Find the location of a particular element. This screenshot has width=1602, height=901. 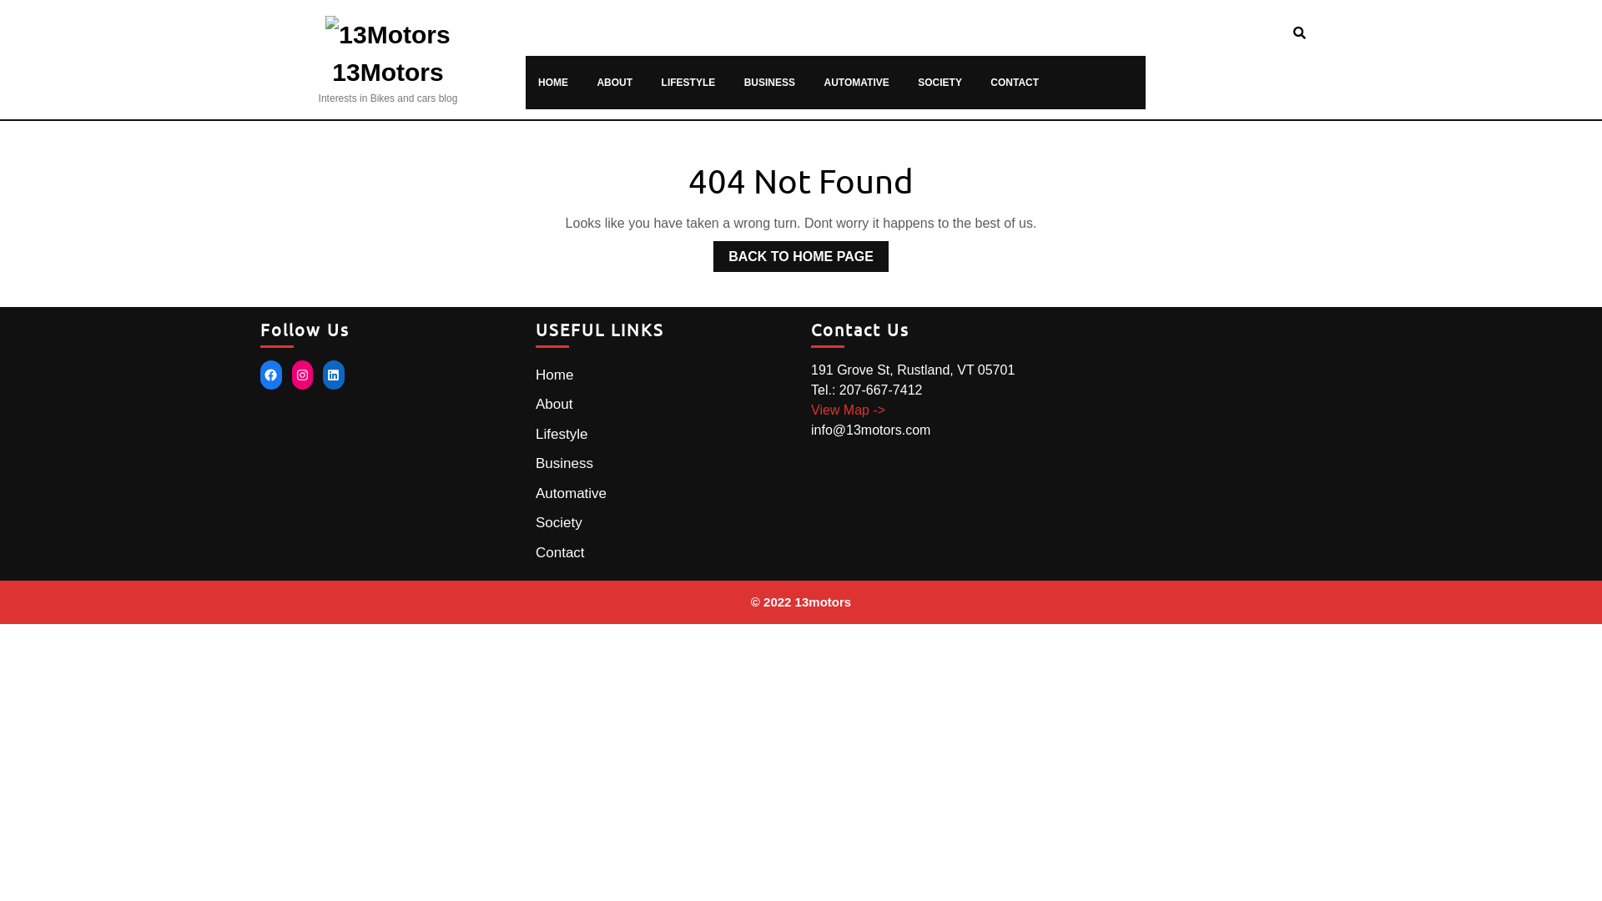

'Home' is located at coordinates (554, 374).